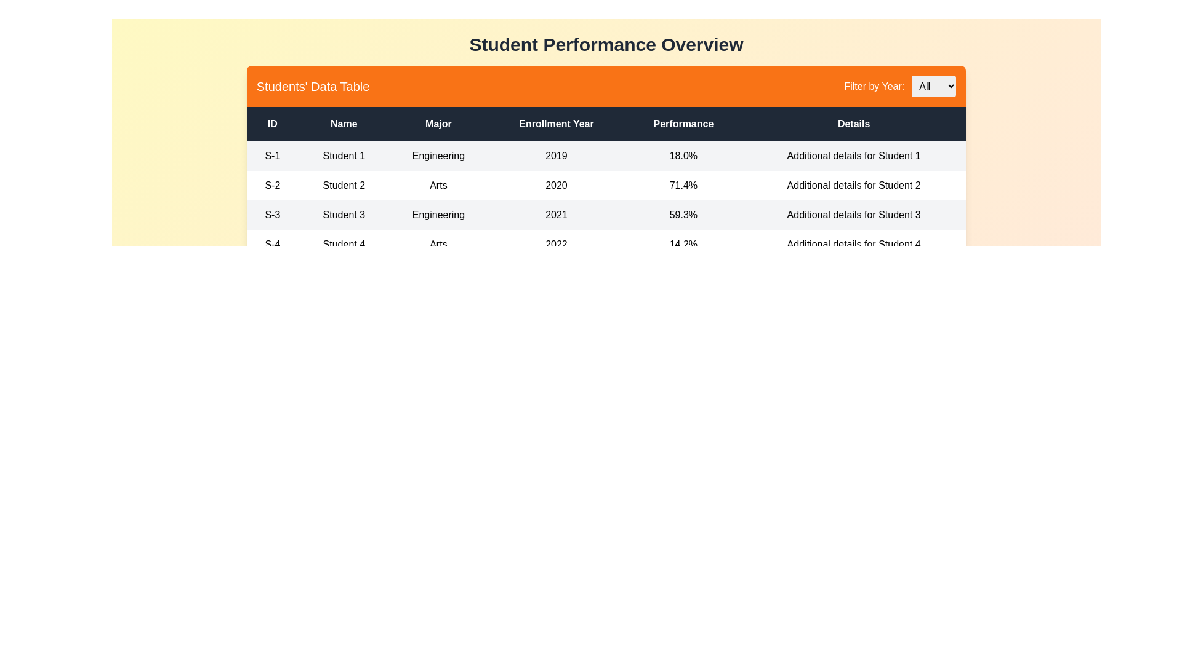 The image size is (1182, 664). Describe the element at coordinates (853, 124) in the screenshot. I see `the column header Details to sort the table by that column` at that location.